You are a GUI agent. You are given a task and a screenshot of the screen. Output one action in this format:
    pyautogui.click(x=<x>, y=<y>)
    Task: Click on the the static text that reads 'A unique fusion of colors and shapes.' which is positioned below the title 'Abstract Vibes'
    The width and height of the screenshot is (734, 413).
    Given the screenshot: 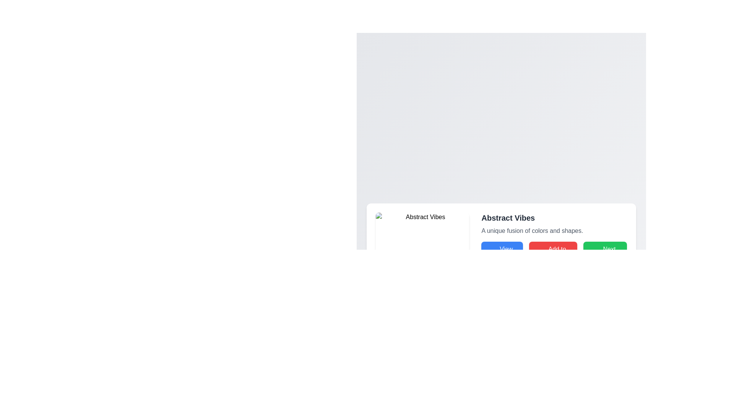 What is the action you would take?
    pyautogui.click(x=554, y=231)
    